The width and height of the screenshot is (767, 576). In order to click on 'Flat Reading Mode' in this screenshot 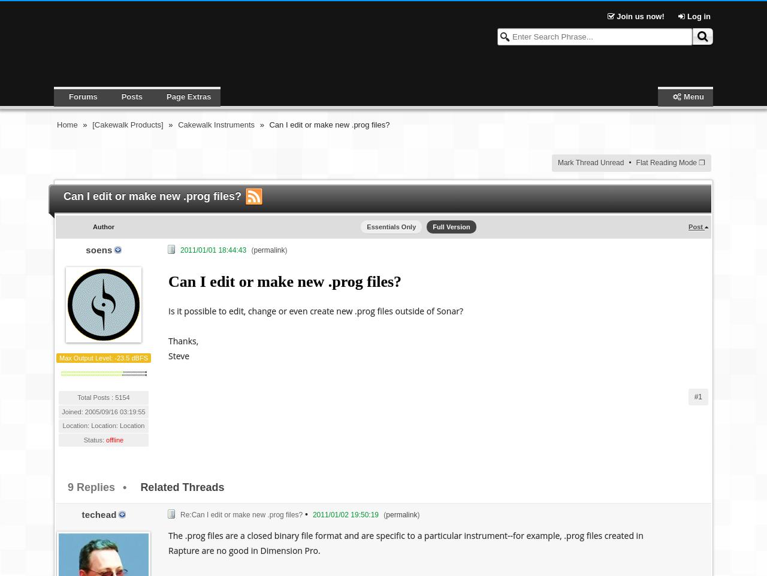, I will do `click(665, 162)`.